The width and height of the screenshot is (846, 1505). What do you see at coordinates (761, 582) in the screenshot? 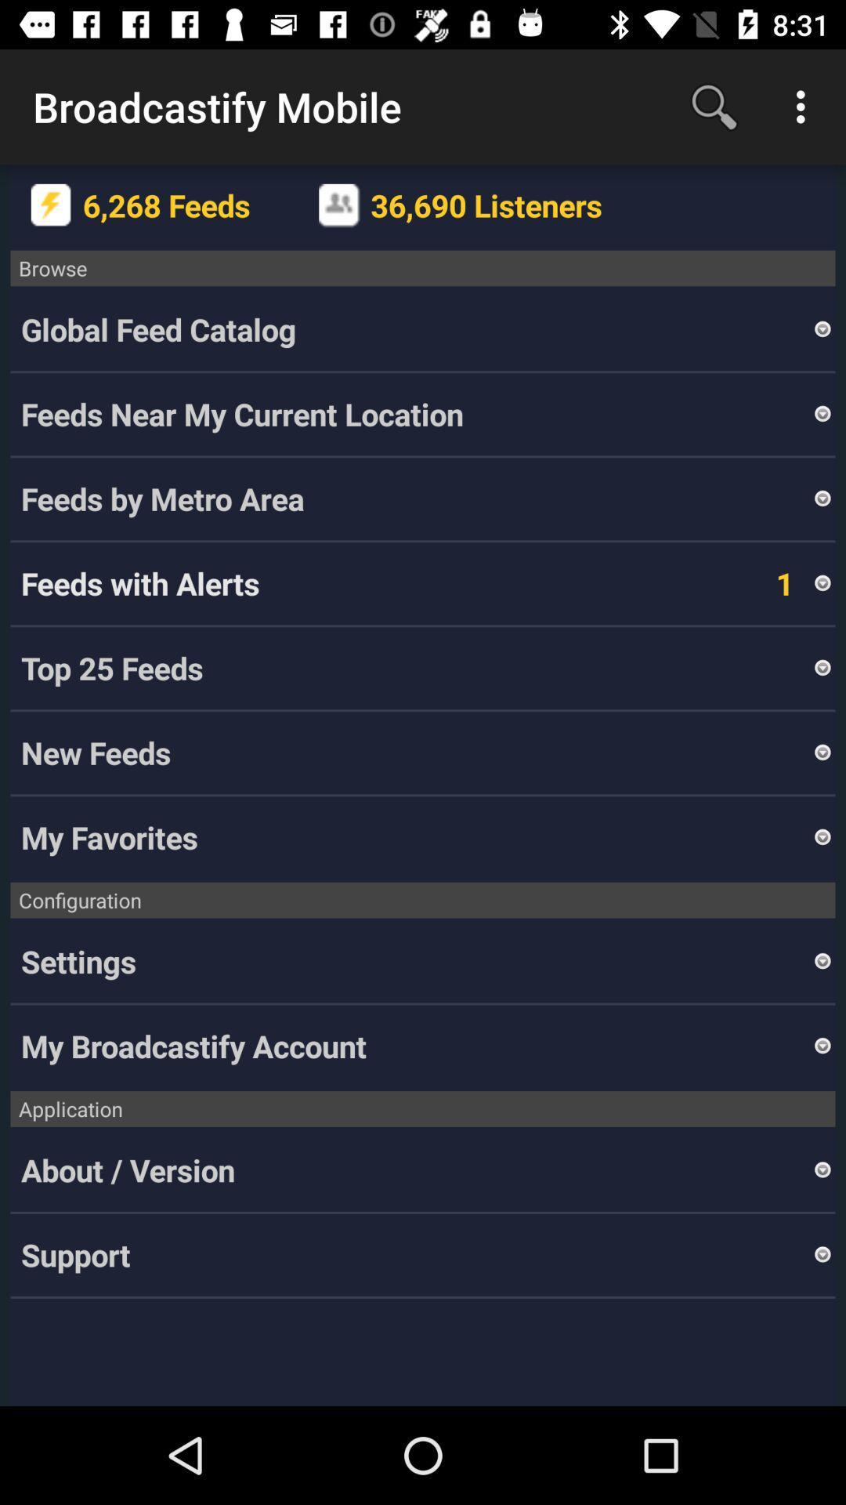
I see `1` at bounding box center [761, 582].